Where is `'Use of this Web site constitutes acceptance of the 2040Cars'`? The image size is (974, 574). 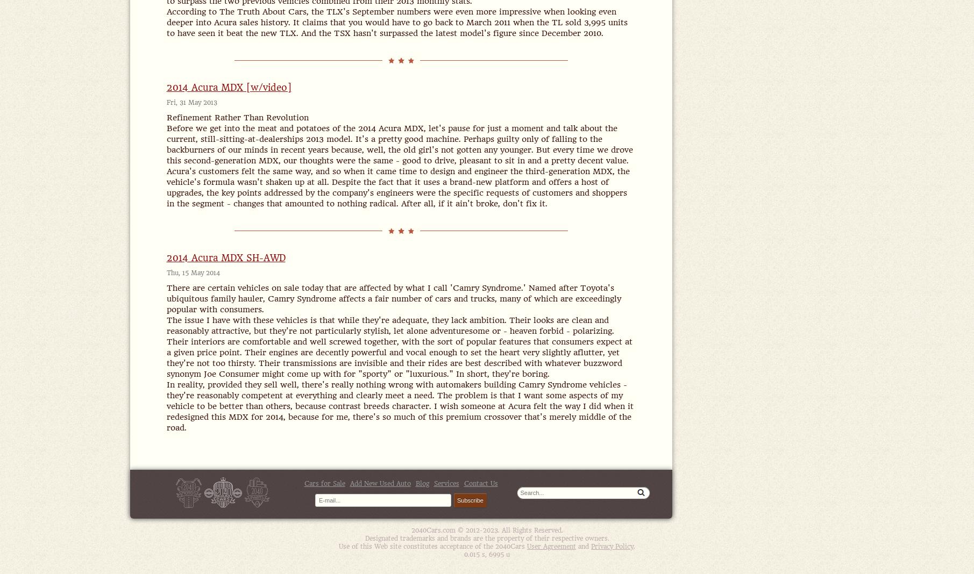
'Use of this Web site constitutes acceptance of the 2040Cars' is located at coordinates (339, 546).